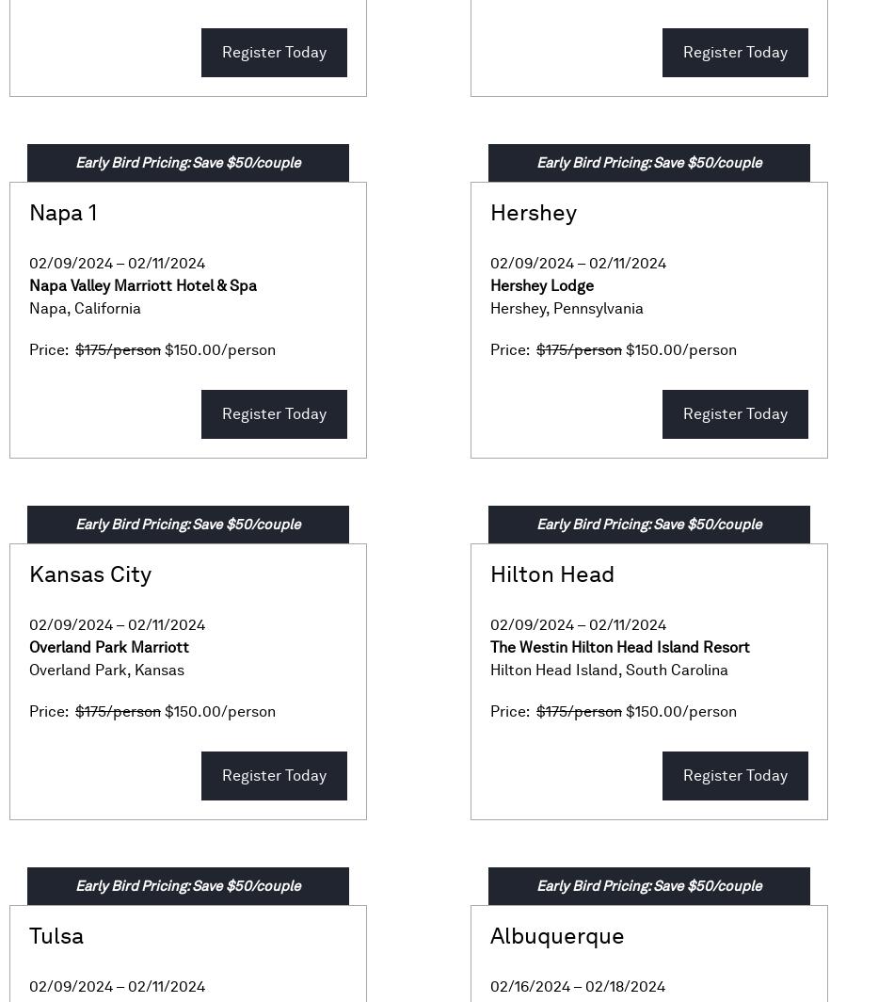 This screenshot has height=1002, width=894. What do you see at coordinates (626, 670) in the screenshot?
I see `'South Carolina'` at bounding box center [626, 670].